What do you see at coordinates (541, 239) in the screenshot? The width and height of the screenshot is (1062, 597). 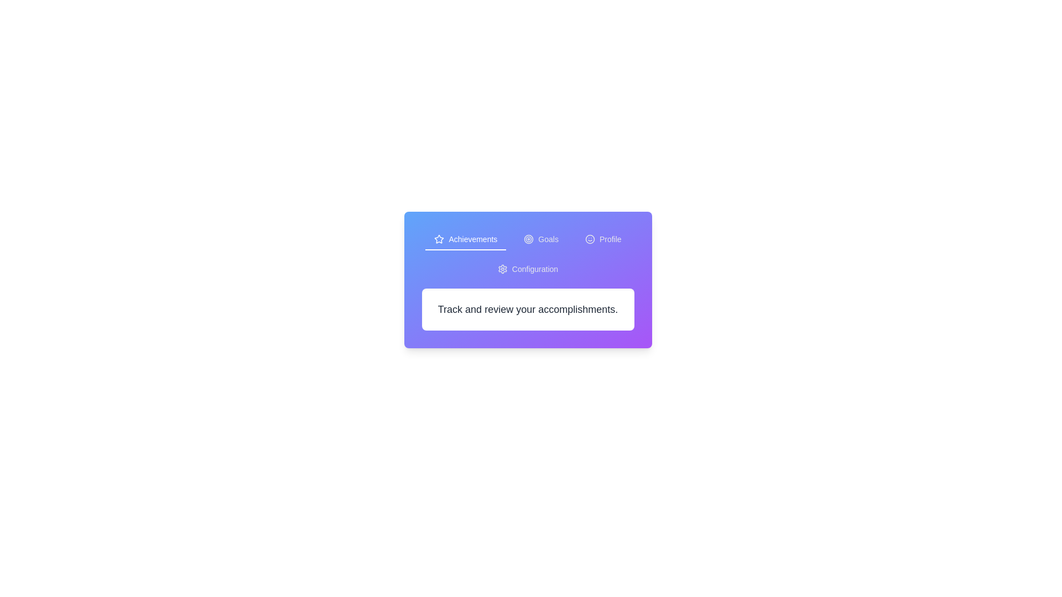 I see `the Goals tab` at bounding box center [541, 239].